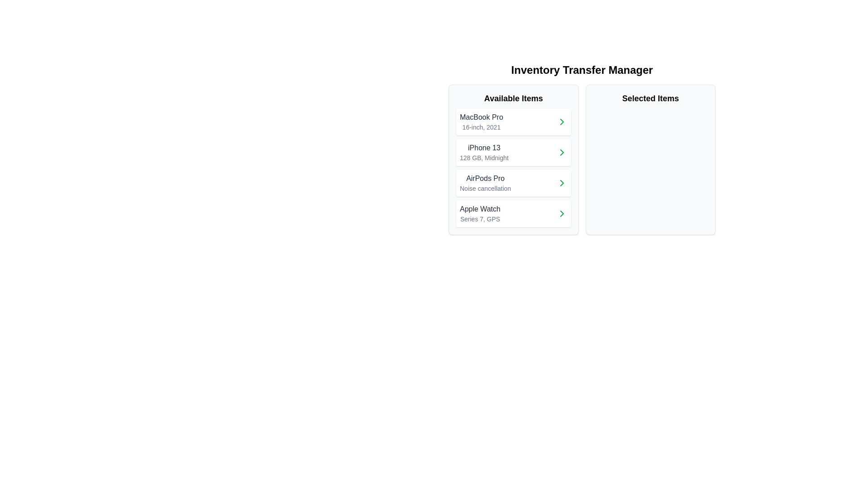 Image resolution: width=864 pixels, height=486 pixels. What do you see at coordinates (561, 213) in the screenshot?
I see `the right-pointing chevron icon, which is green and located next to 'Apple Watch Series 7, GPS' in the 'Available Items' section` at bounding box center [561, 213].